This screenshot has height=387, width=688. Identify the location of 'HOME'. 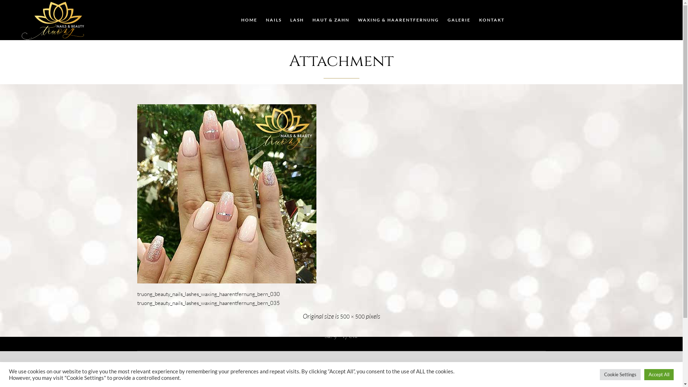
(249, 20).